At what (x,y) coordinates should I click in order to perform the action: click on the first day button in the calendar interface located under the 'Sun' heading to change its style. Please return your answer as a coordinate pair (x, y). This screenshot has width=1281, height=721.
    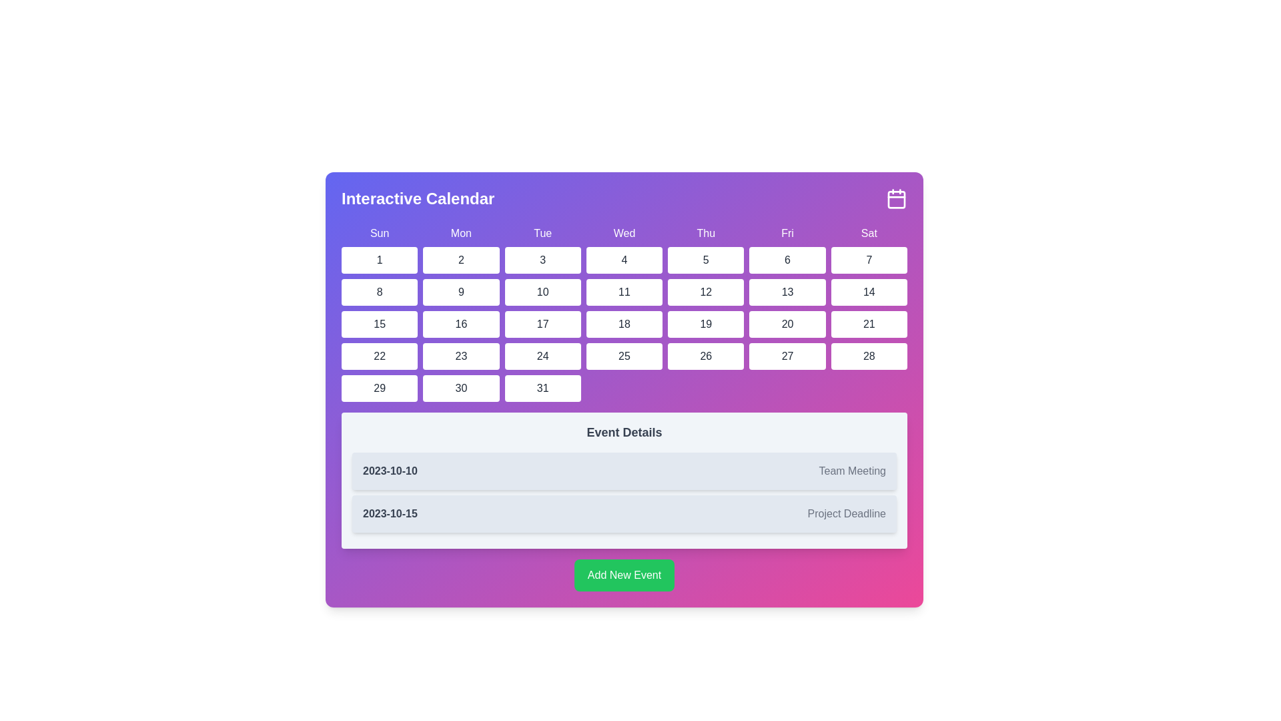
    Looking at the image, I should click on (379, 260).